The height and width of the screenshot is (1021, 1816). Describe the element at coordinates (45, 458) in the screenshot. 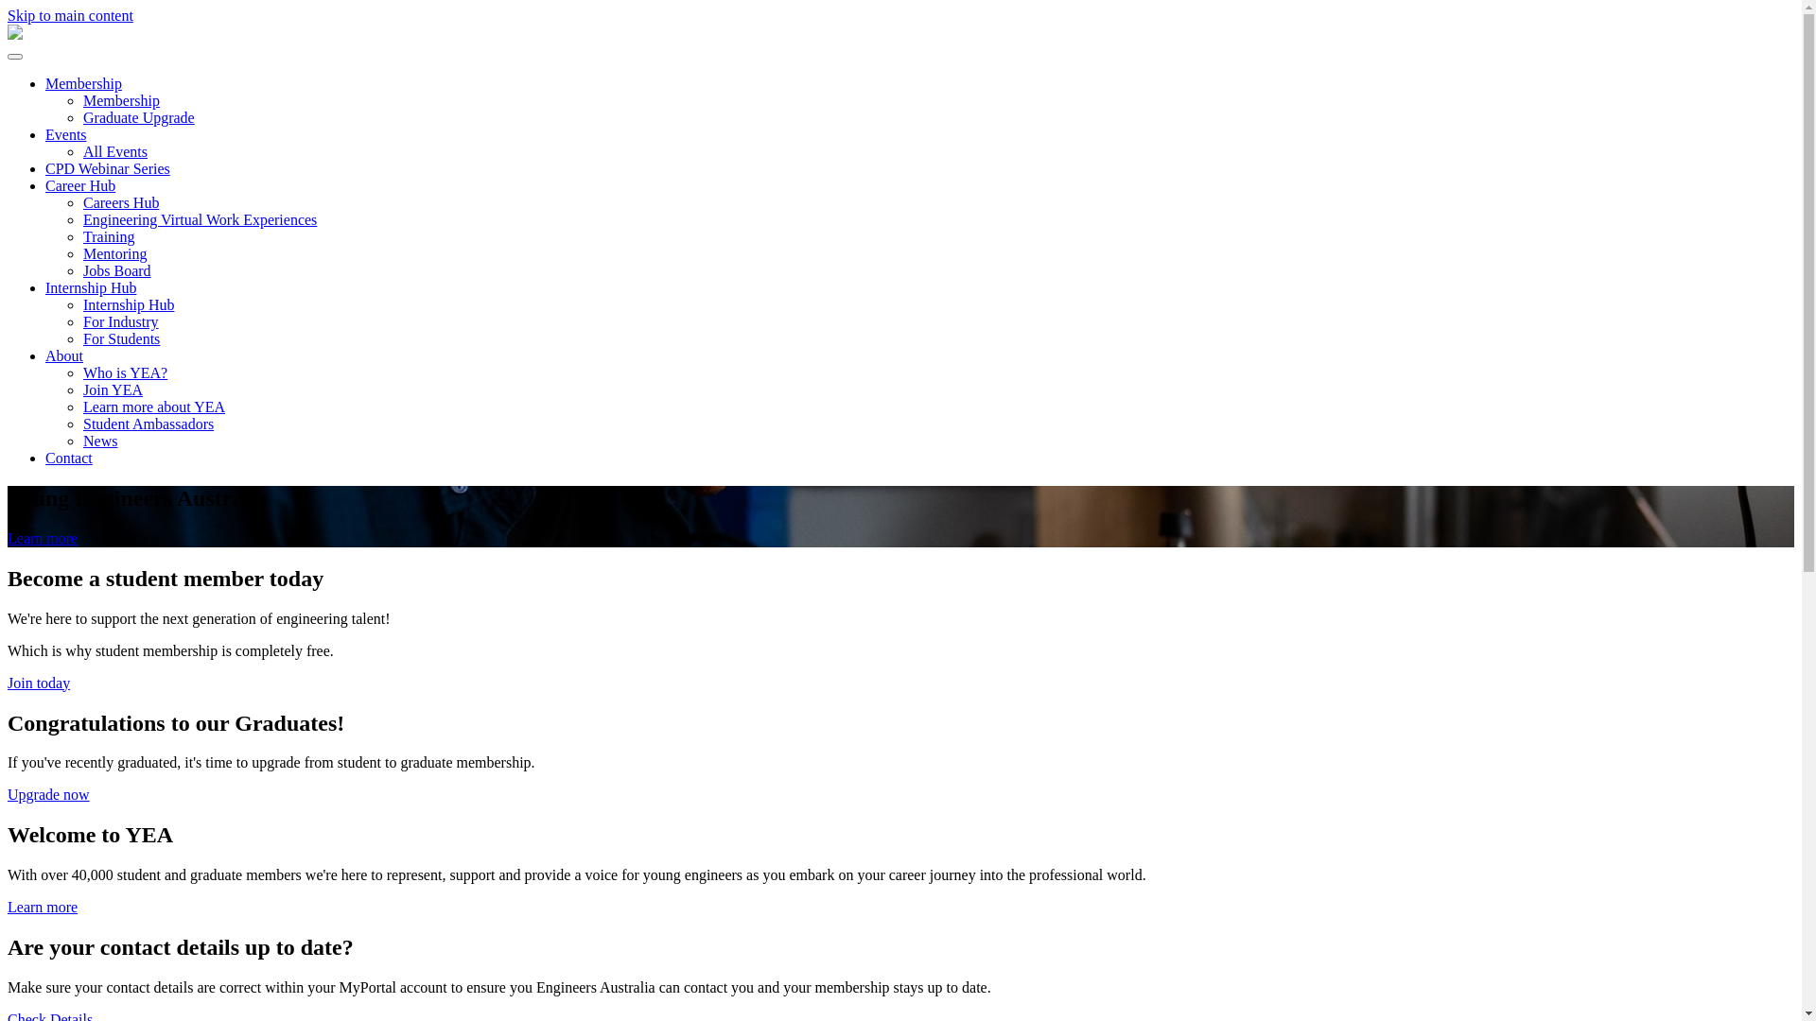

I see `'Contact'` at that location.